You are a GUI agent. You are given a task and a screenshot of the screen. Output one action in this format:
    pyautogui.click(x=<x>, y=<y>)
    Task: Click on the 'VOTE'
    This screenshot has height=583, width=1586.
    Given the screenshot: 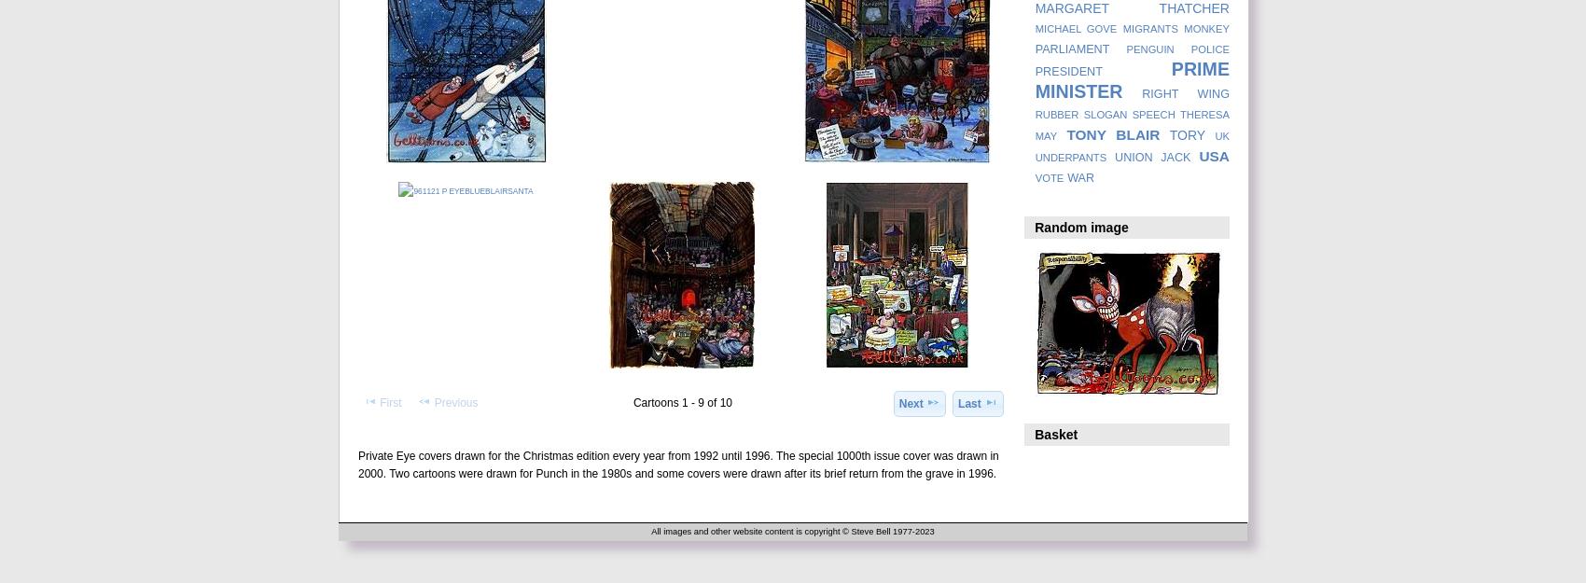 What is the action you would take?
    pyautogui.click(x=1049, y=178)
    